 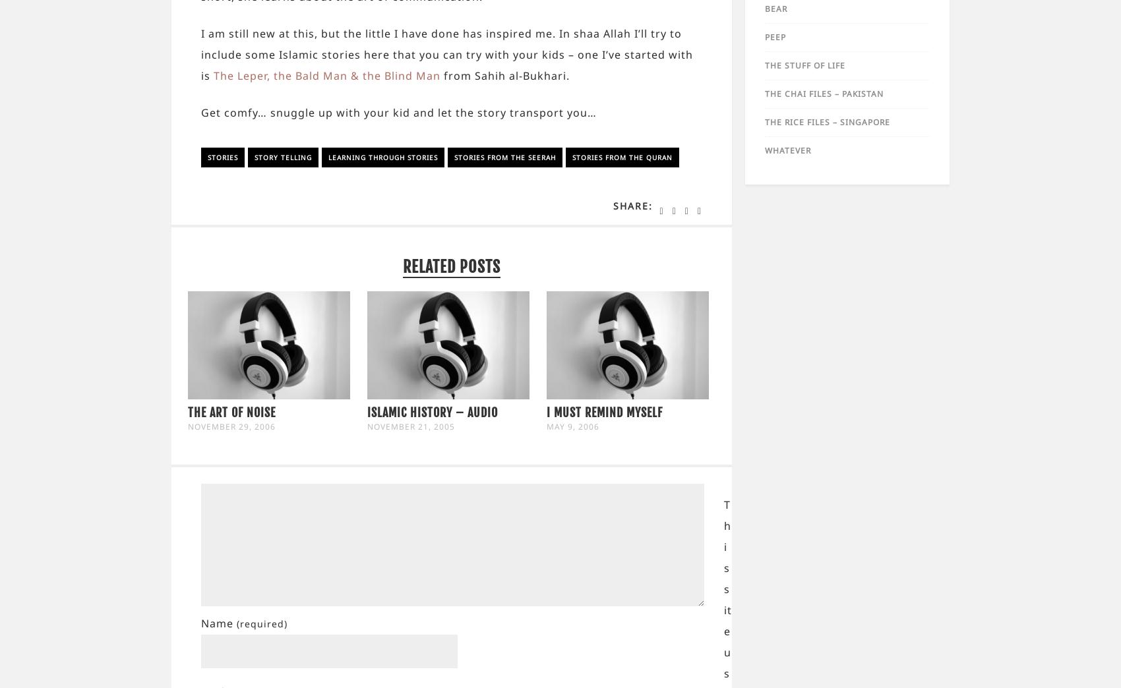 What do you see at coordinates (824, 93) in the screenshot?
I see `'The Chai Files – Pakistan'` at bounding box center [824, 93].